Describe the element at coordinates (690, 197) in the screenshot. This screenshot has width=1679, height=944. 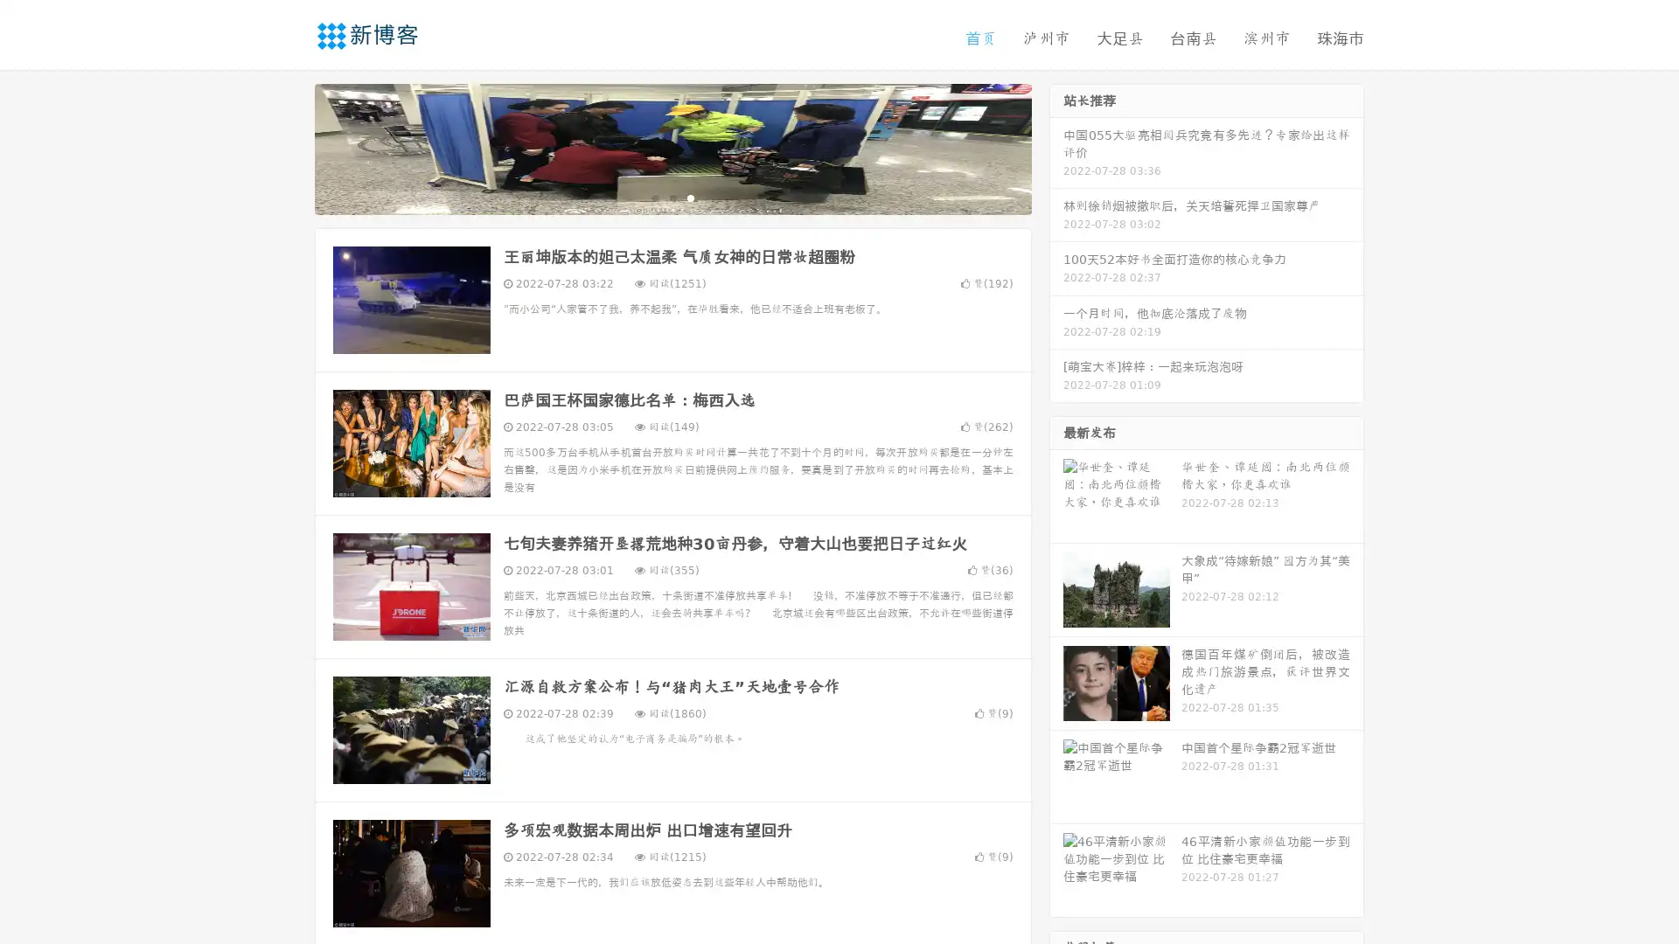
I see `Go to slide 3` at that location.